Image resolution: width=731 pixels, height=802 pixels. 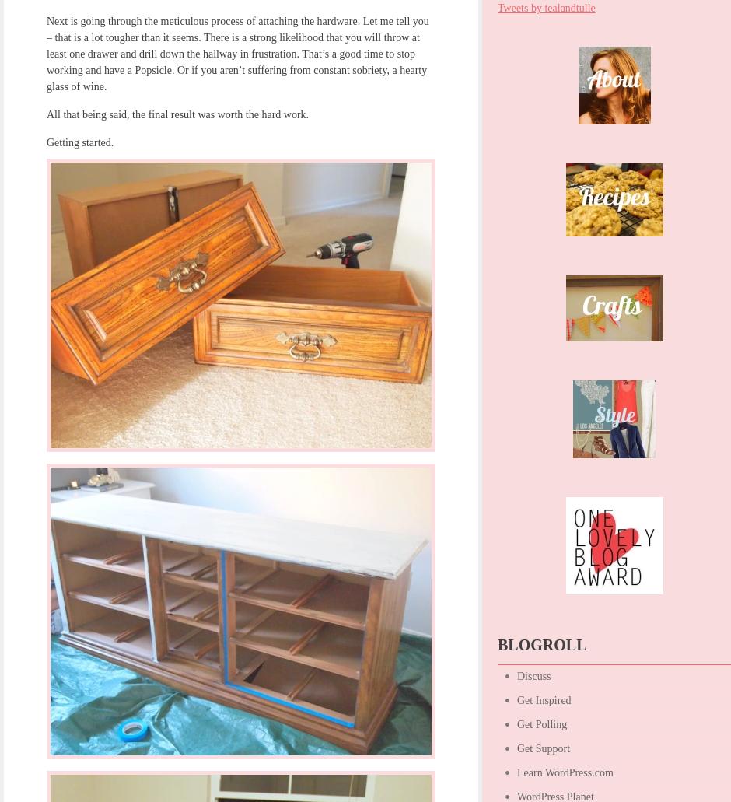 I want to click on 'Get Polling', so click(x=516, y=723).